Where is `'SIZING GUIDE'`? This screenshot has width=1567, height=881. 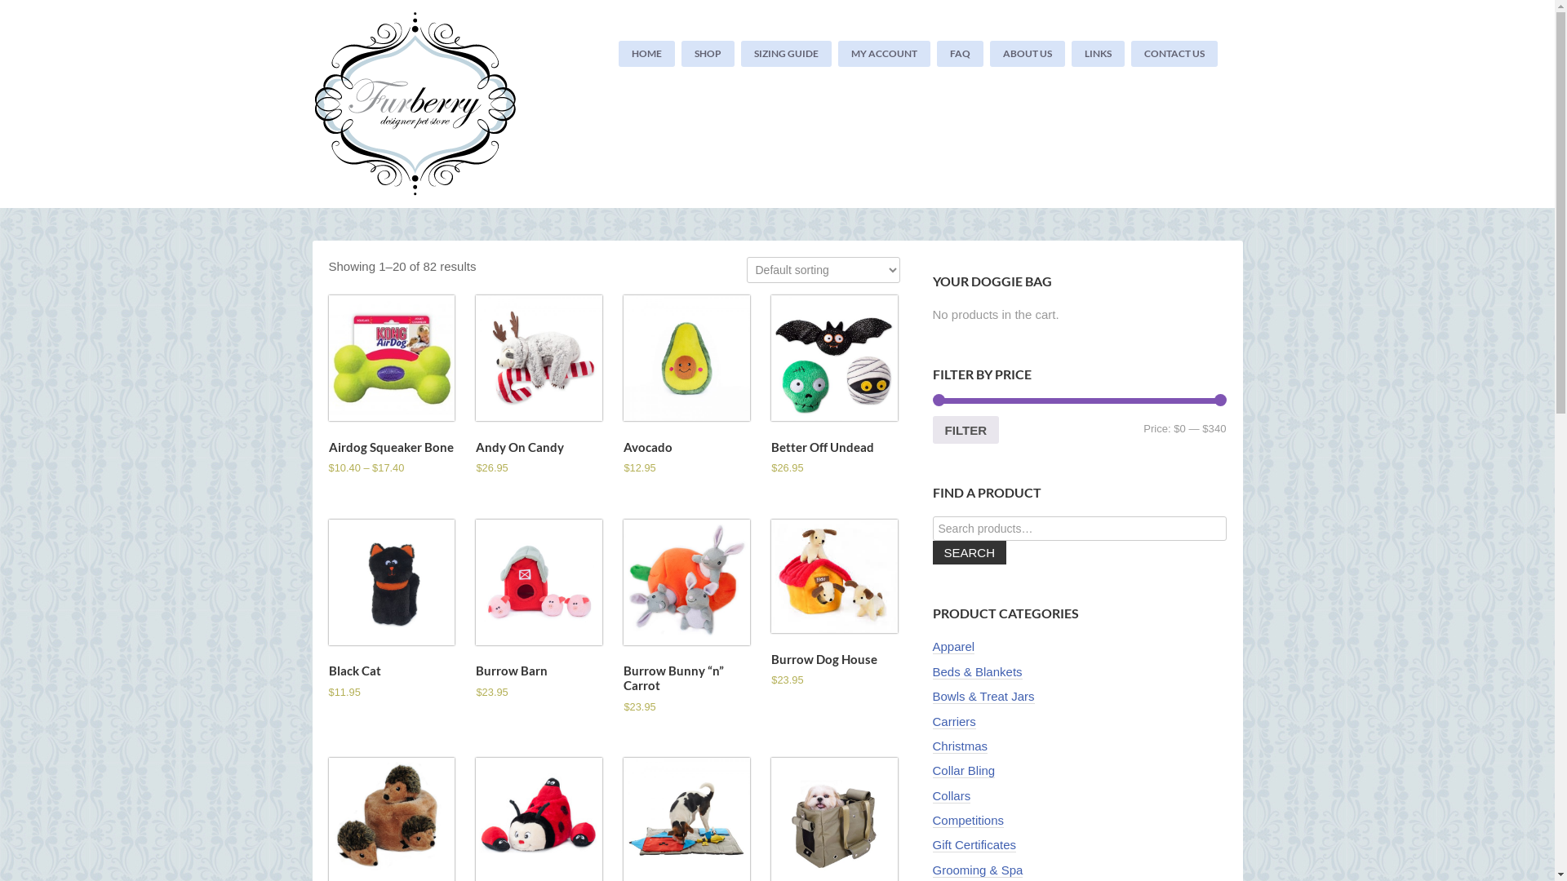 'SIZING GUIDE' is located at coordinates (786, 52).